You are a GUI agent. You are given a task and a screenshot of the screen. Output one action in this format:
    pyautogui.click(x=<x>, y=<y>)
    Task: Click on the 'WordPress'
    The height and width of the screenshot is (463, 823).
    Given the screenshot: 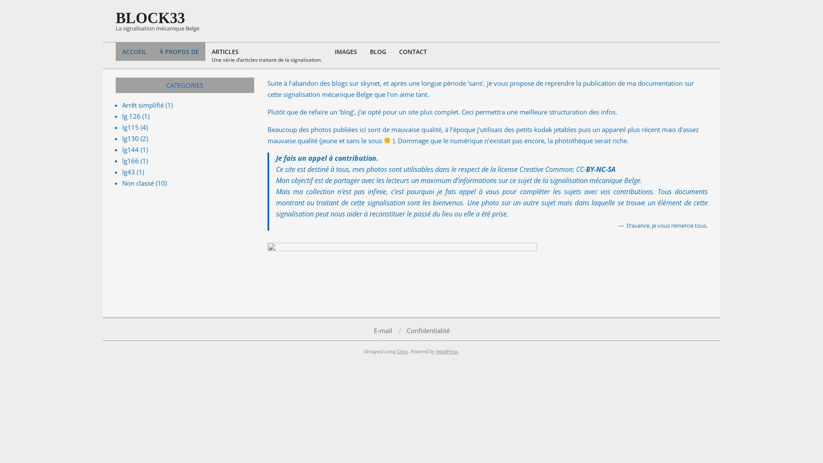 What is the action you would take?
    pyautogui.click(x=446, y=351)
    